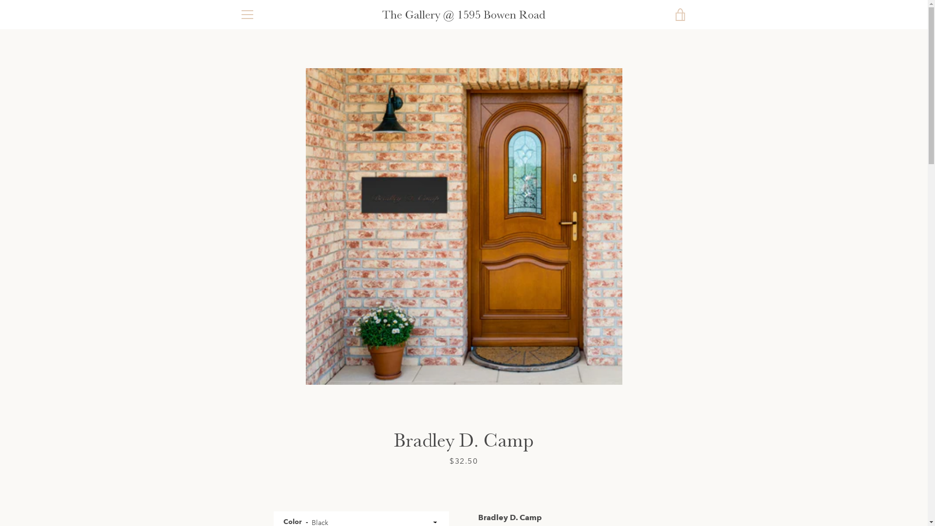 This screenshot has width=935, height=526. I want to click on 'Powered by Shopify', so click(463, 498).